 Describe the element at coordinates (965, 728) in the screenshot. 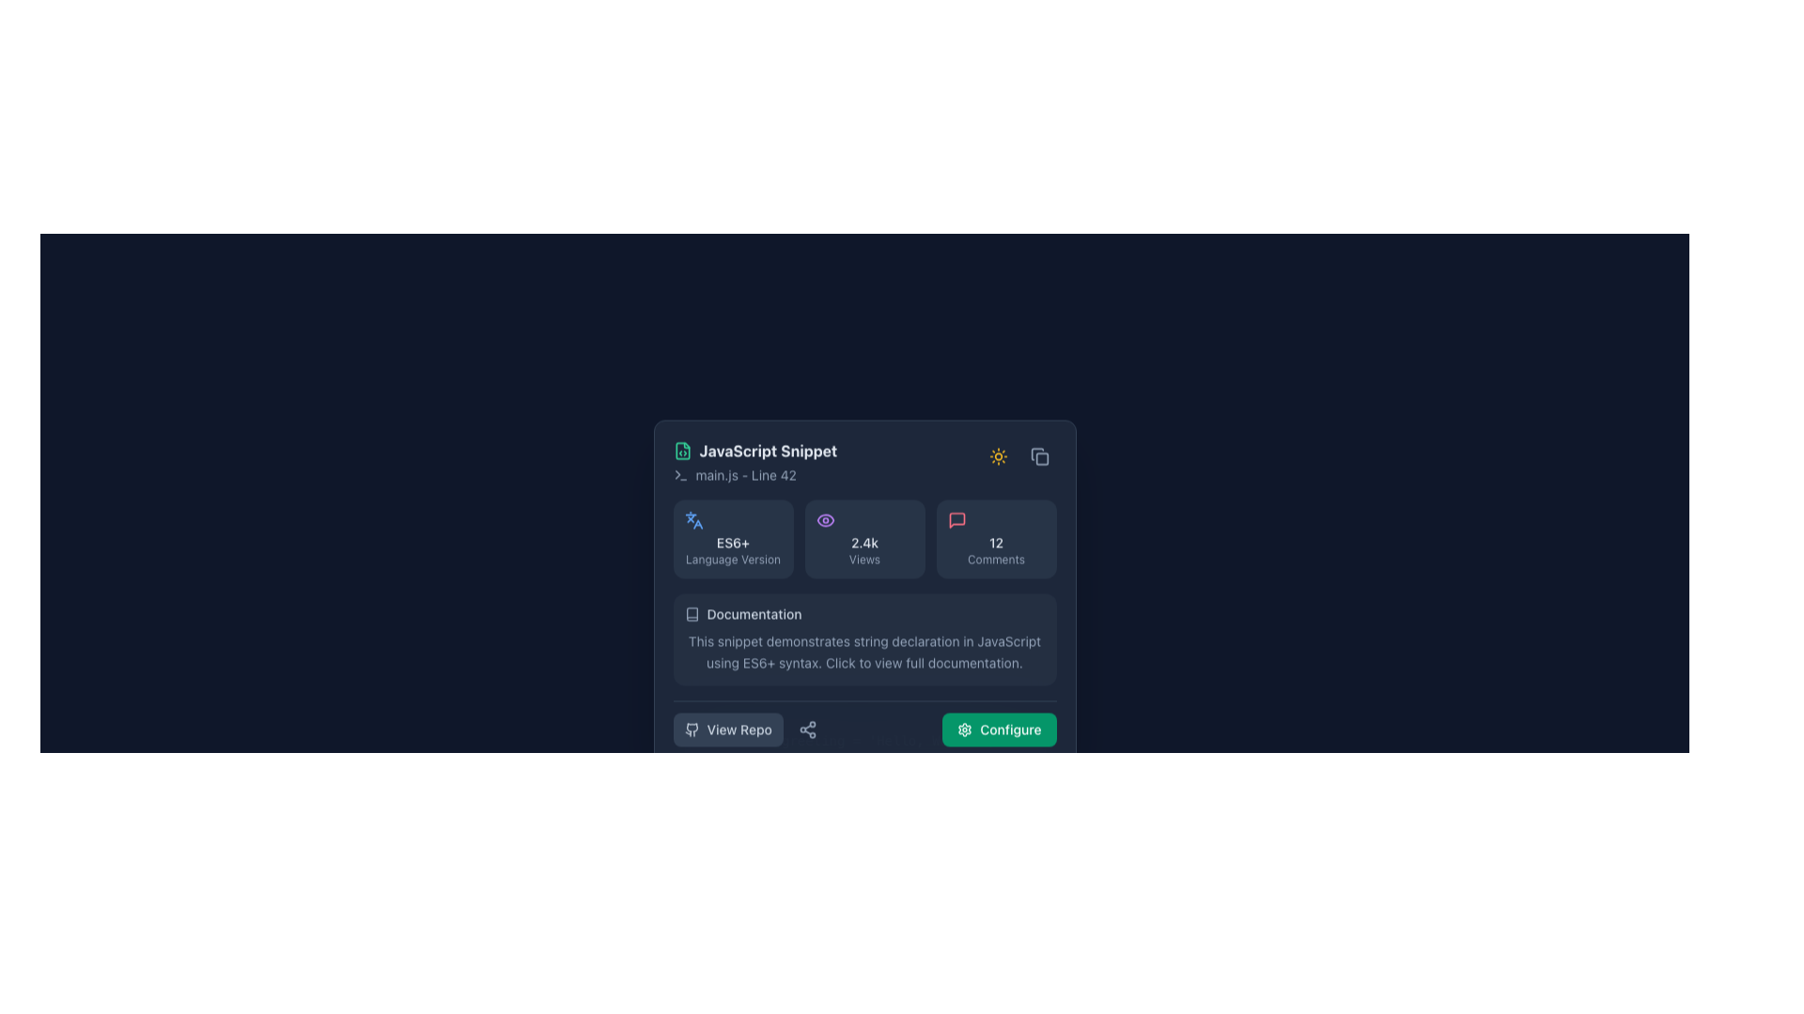

I see `the cogwheel icon that represents settings or configuration functionalities, located to the left of the 'Configure' button at the bottom-right corner of the card-like interface` at that location.